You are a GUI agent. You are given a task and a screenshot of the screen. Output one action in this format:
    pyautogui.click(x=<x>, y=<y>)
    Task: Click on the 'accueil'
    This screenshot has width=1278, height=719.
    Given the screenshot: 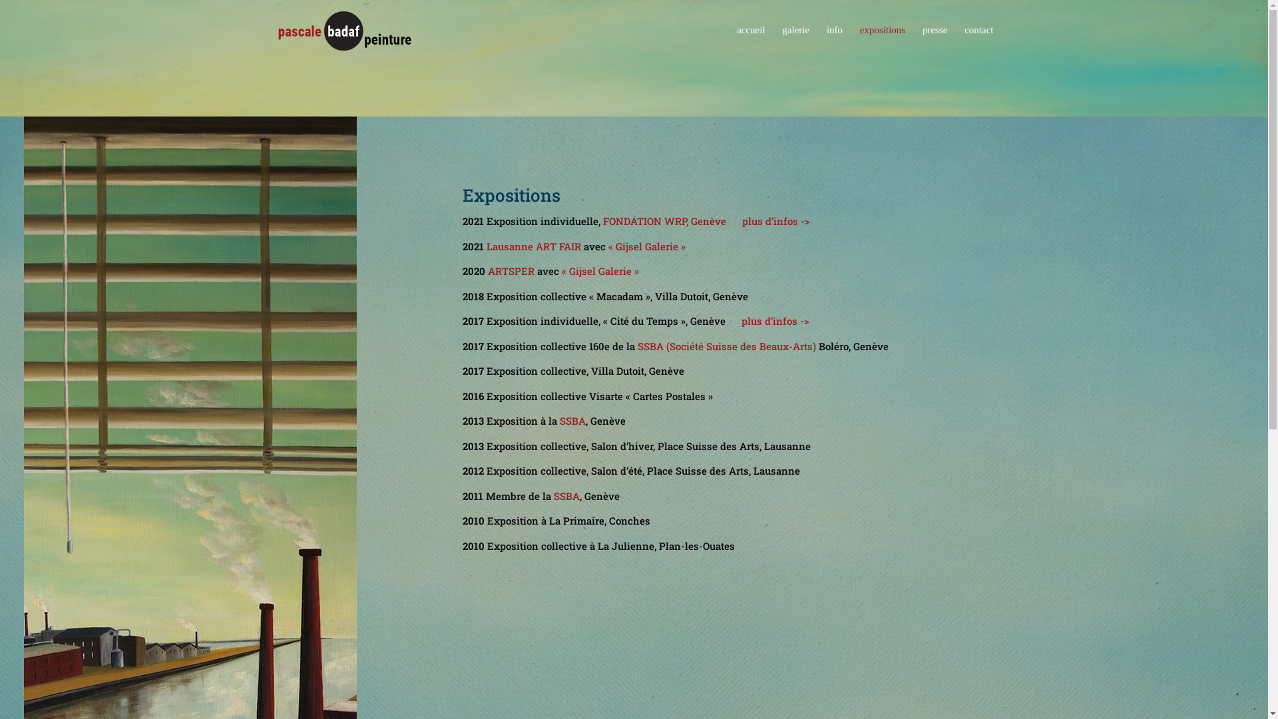 What is the action you would take?
    pyautogui.click(x=751, y=42)
    